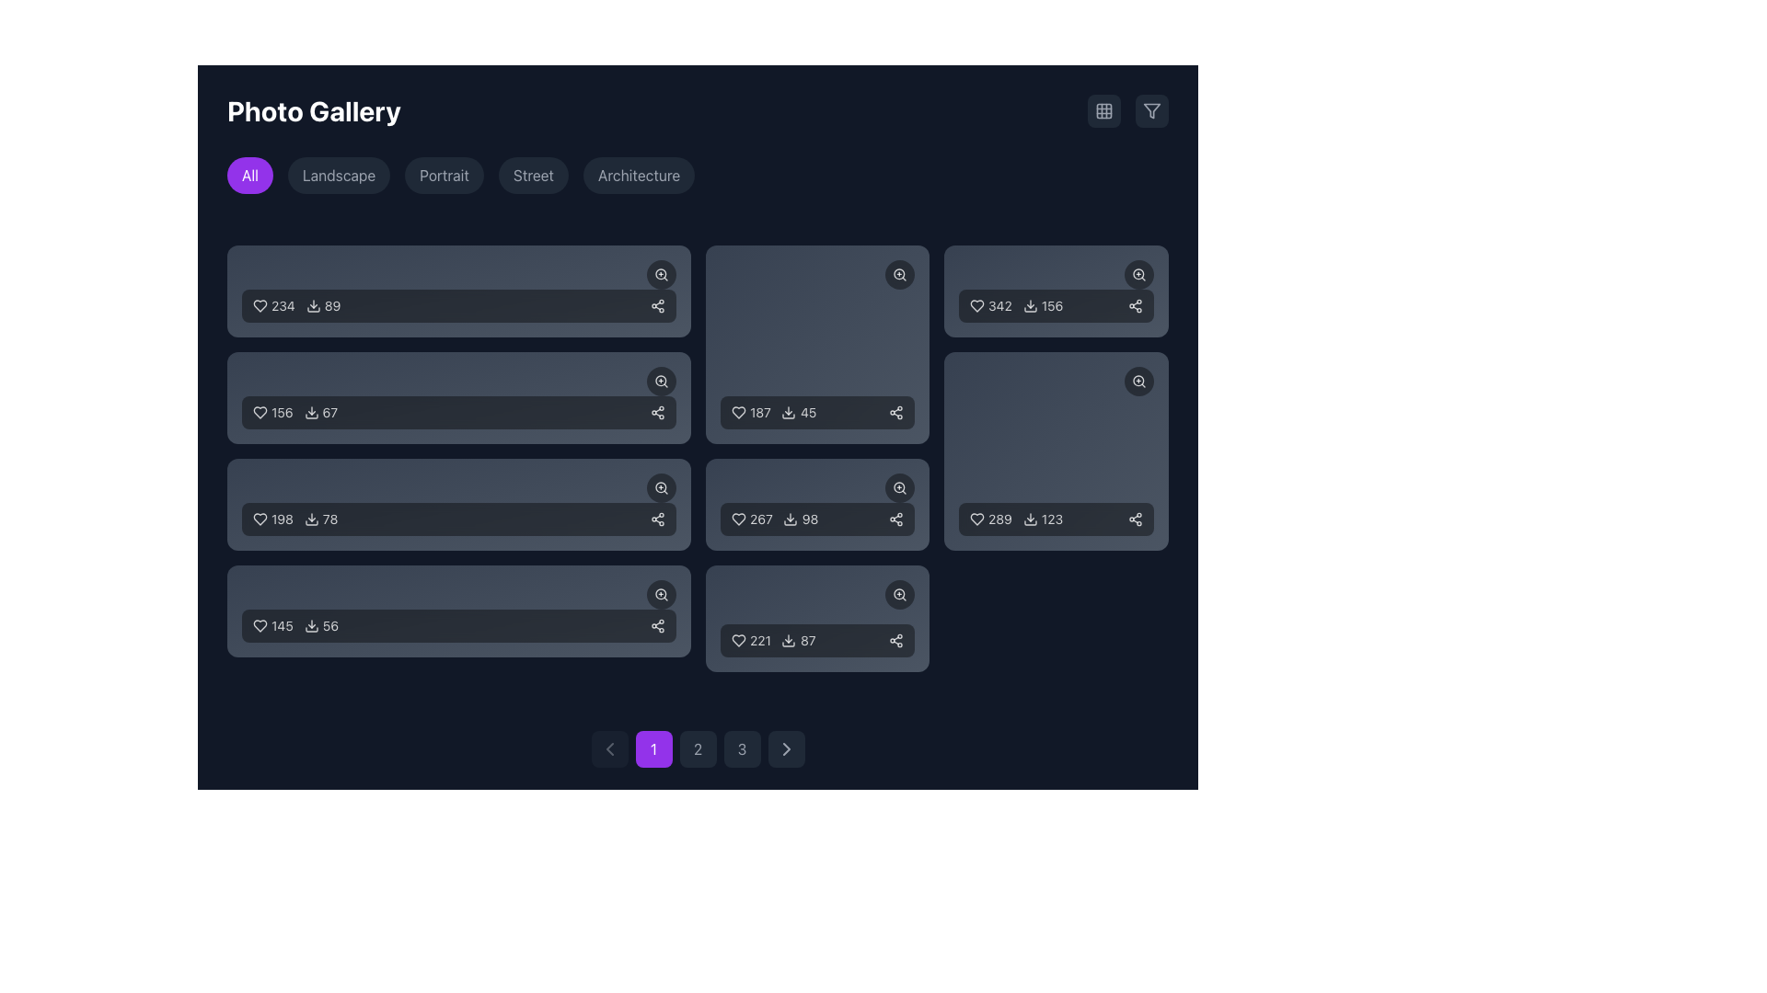 The image size is (1767, 993). What do you see at coordinates (1134, 304) in the screenshot?
I see `the share icon button located in the upper right section of the card displaying '342 156' to share its content` at bounding box center [1134, 304].